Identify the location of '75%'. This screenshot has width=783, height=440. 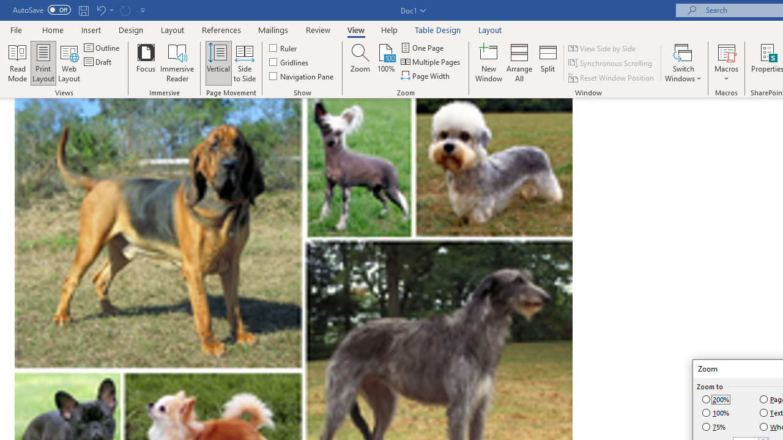
(714, 427).